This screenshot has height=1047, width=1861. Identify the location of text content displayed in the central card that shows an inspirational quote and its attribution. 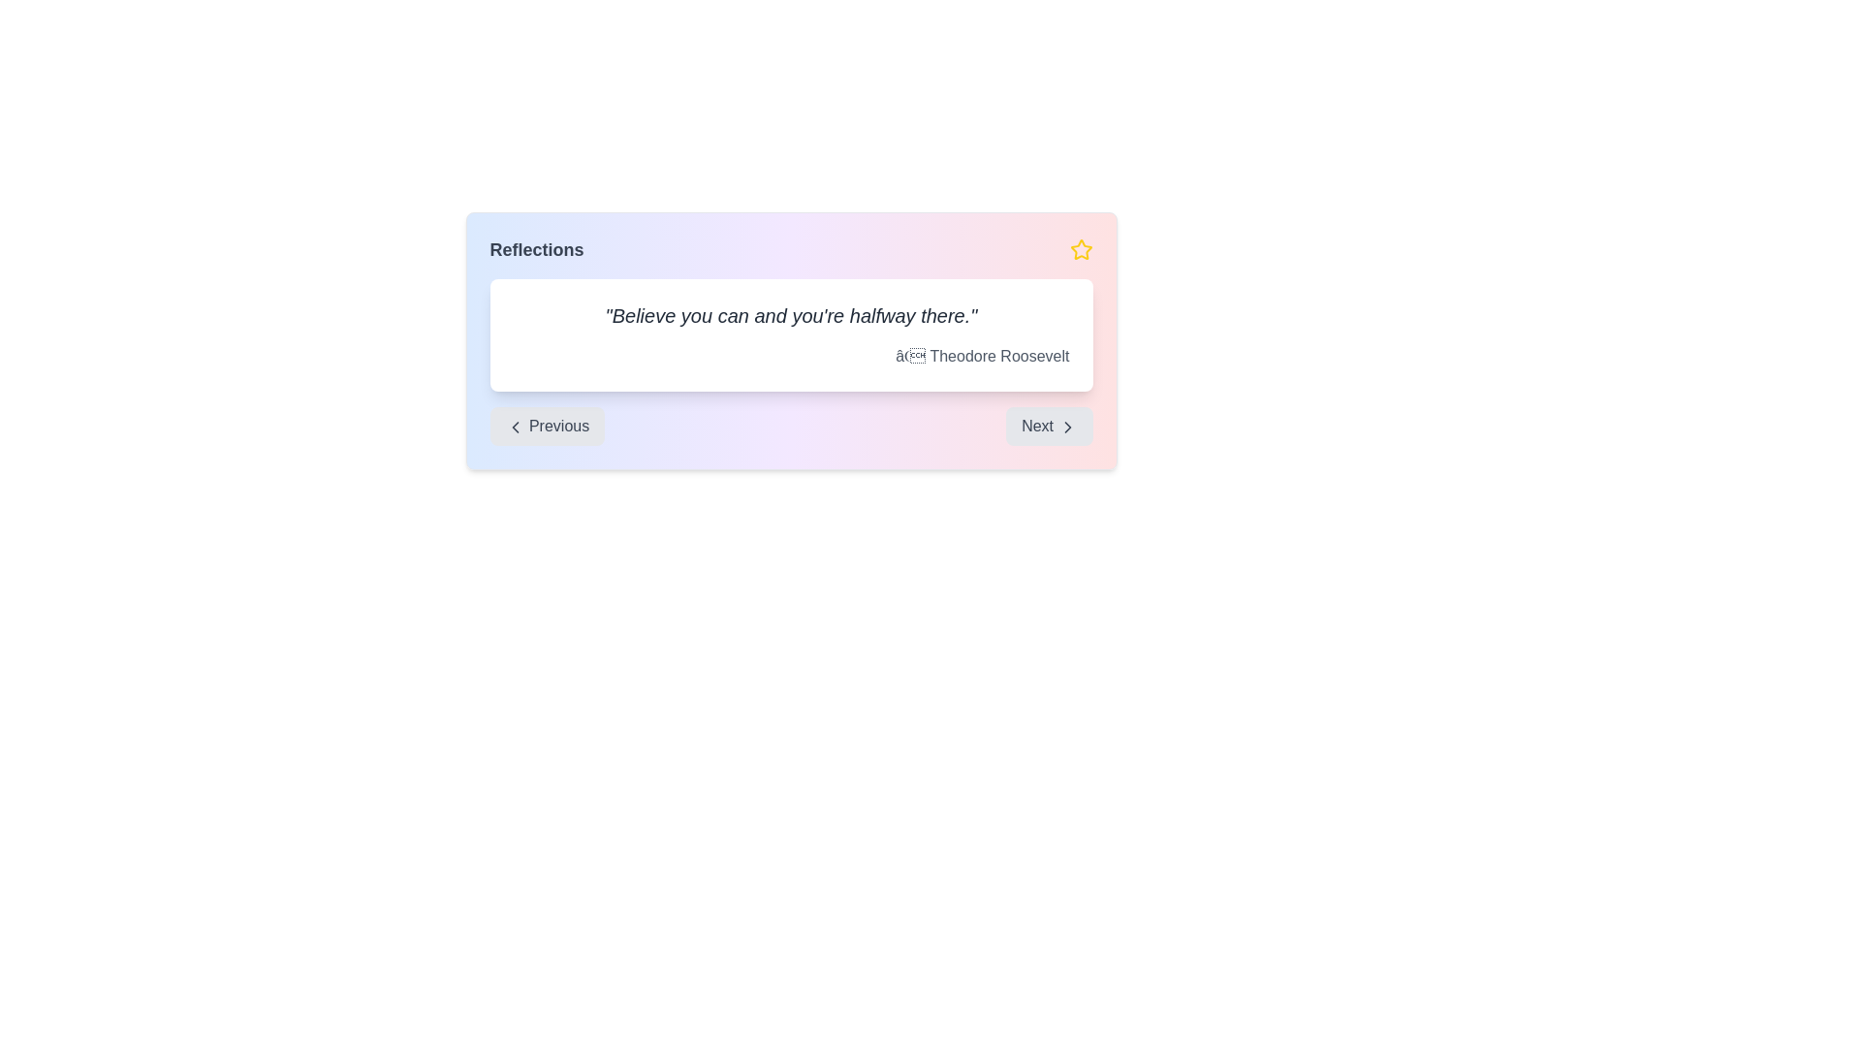
(791, 334).